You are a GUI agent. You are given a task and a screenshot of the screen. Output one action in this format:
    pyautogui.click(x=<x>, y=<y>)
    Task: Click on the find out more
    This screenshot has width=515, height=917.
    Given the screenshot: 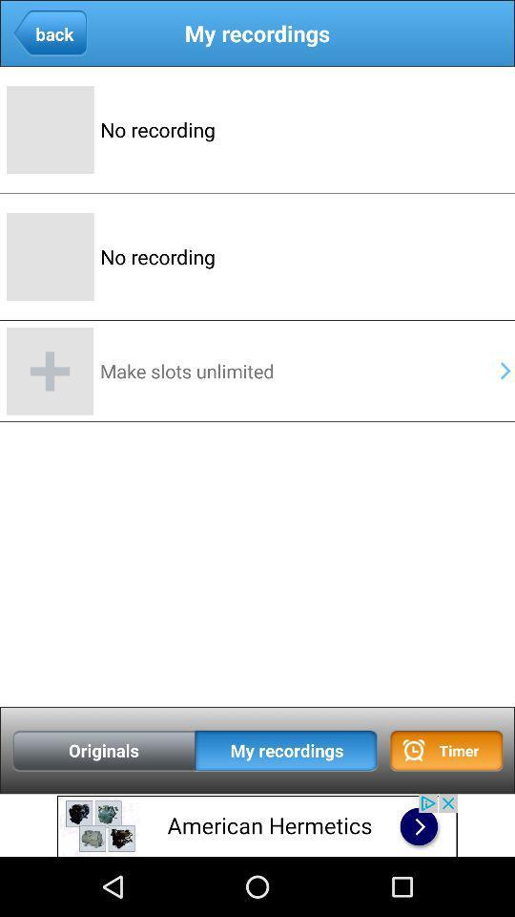 What is the action you would take?
    pyautogui.click(x=257, y=824)
    